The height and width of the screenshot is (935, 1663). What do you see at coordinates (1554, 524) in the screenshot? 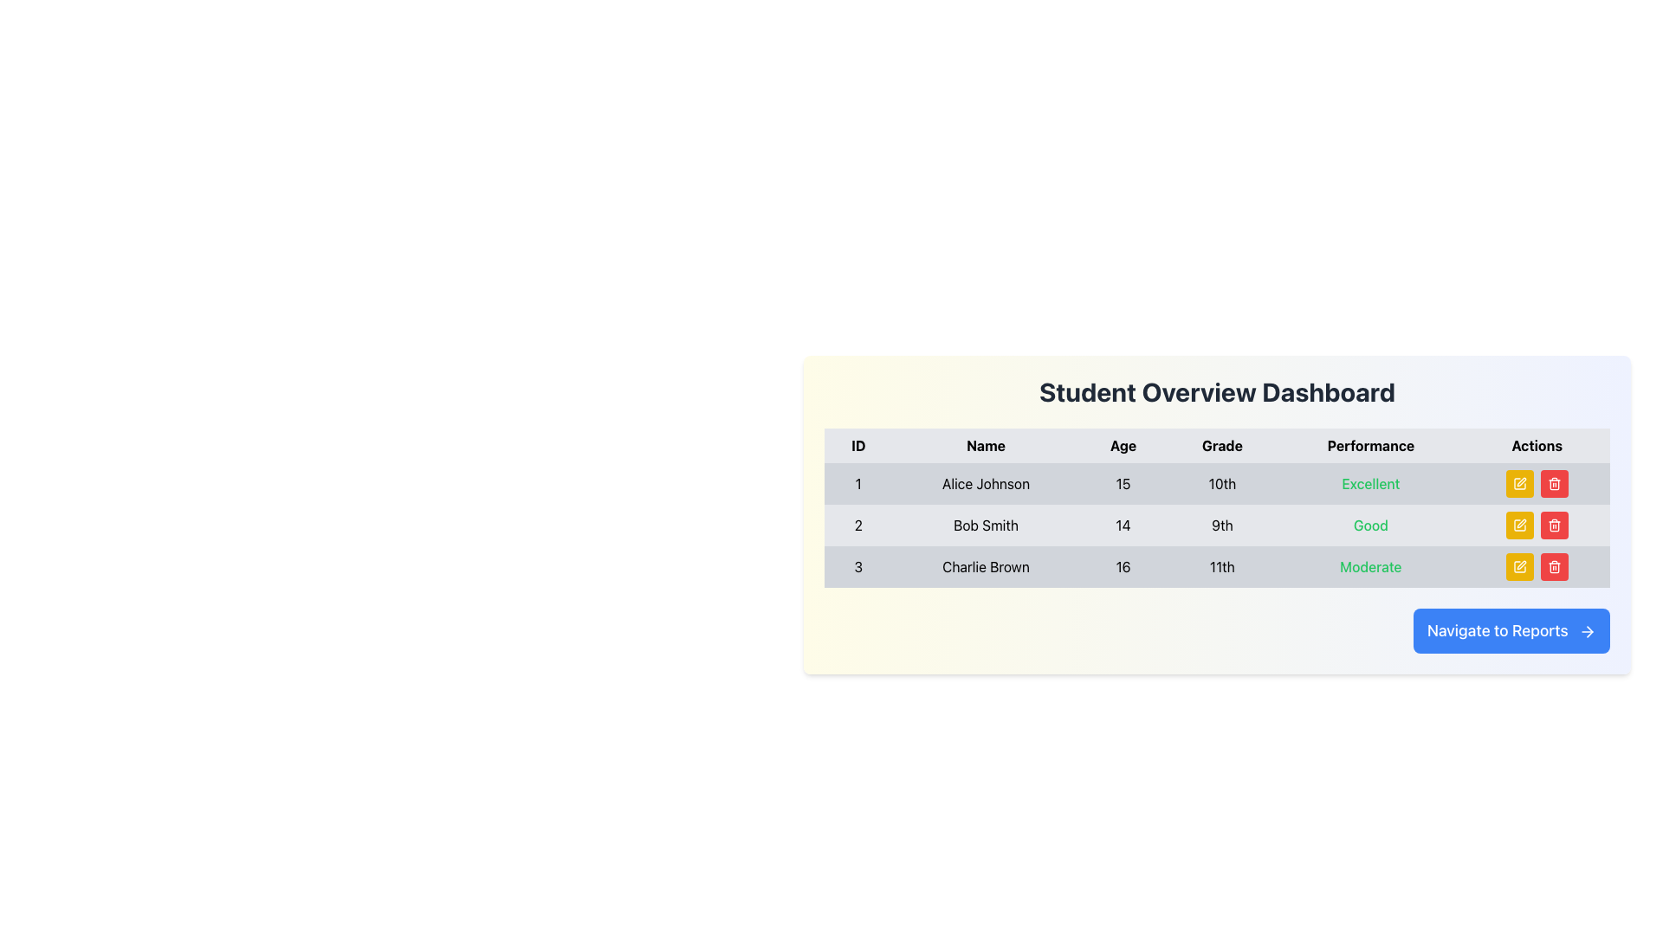
I see `the red rounded rectangular button with a trash can icon in the Actions column of the data table, corresponding to the student 'Bob Smith'` at bounding box center [1554, 524].